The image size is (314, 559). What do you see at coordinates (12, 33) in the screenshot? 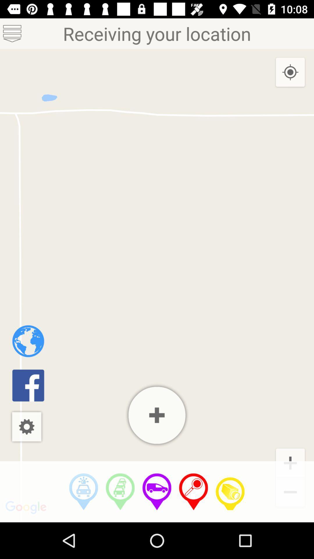
I see `side menu option` at bounding box center [12, 33].